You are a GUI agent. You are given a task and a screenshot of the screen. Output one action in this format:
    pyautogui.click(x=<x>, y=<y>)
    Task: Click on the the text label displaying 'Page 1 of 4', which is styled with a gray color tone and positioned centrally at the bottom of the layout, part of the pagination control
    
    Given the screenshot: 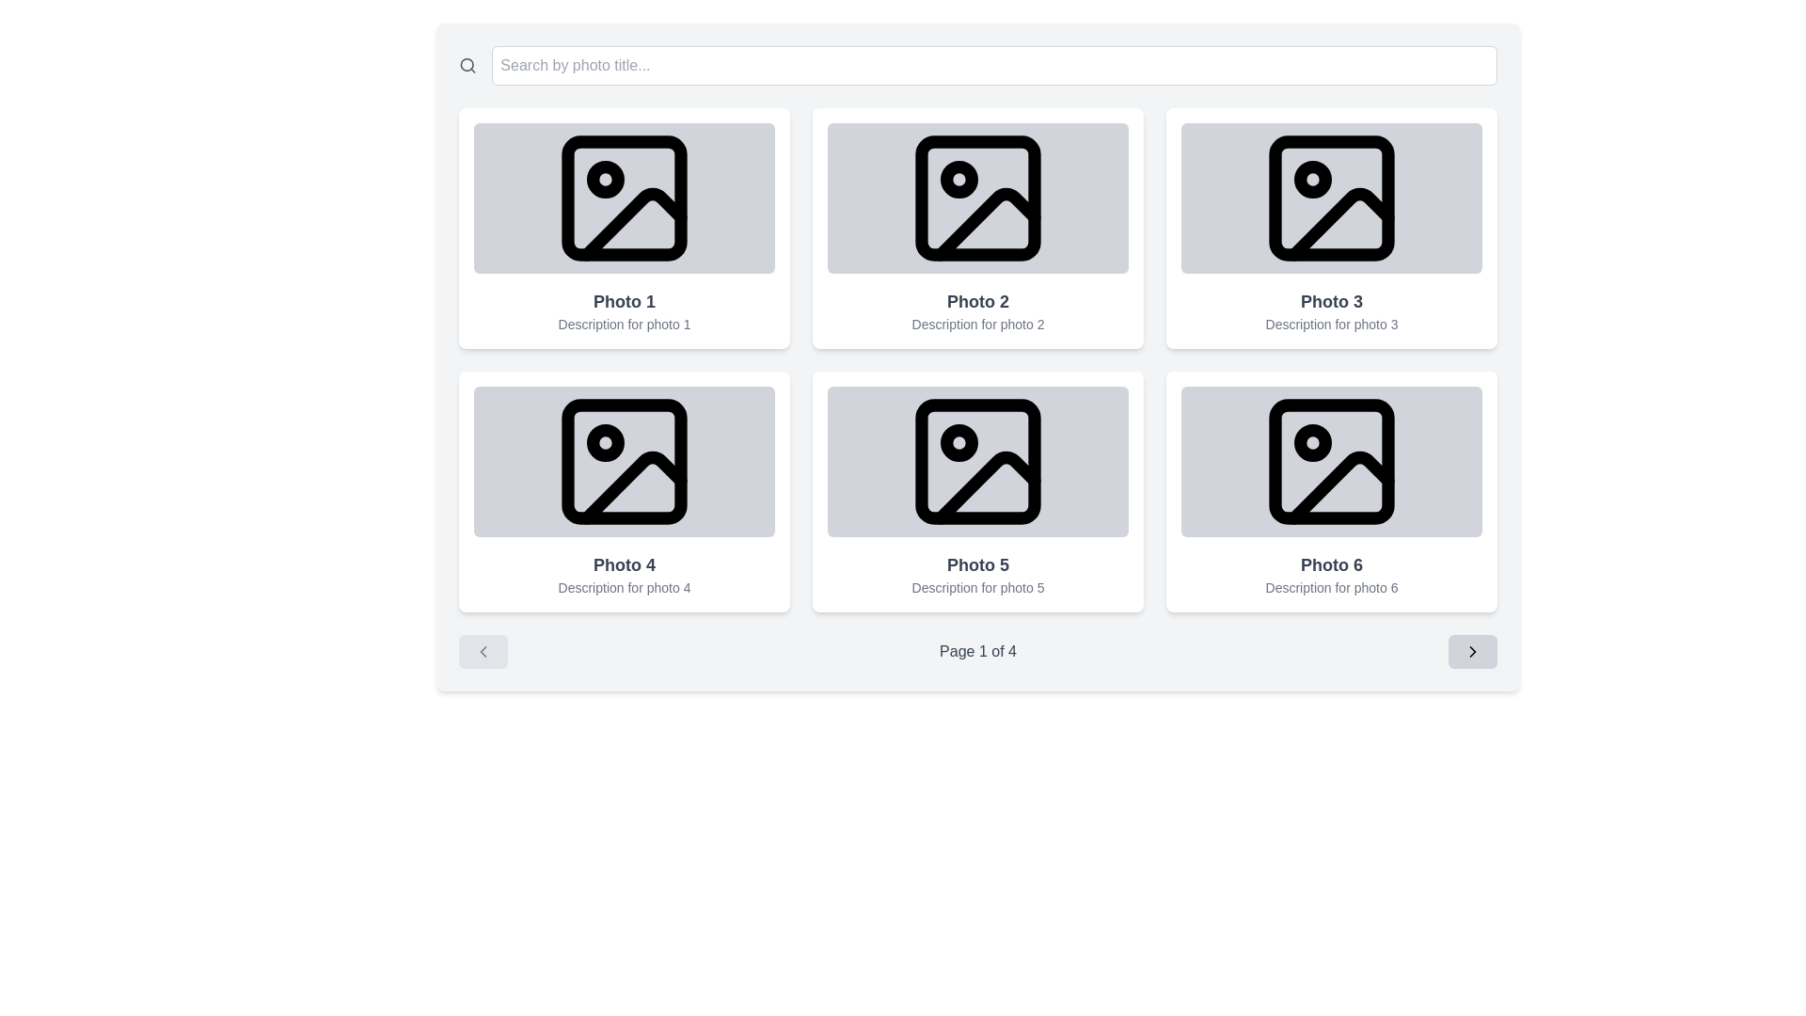 What is the action you would take?
    pyautogui.click(x=978, y=651)
    